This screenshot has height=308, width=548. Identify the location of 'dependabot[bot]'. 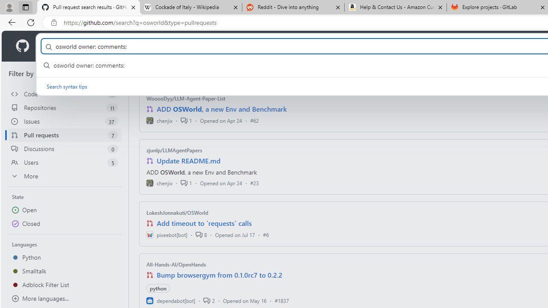
(171, 300).